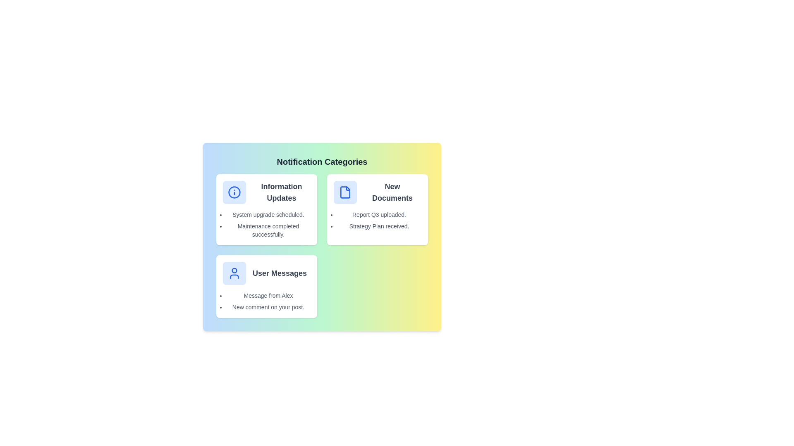  What do you see at coordinates (345, 192) in the screenshot?
I see `the icon of New Documents to display its tooltip` at bounding box center [345, 192].